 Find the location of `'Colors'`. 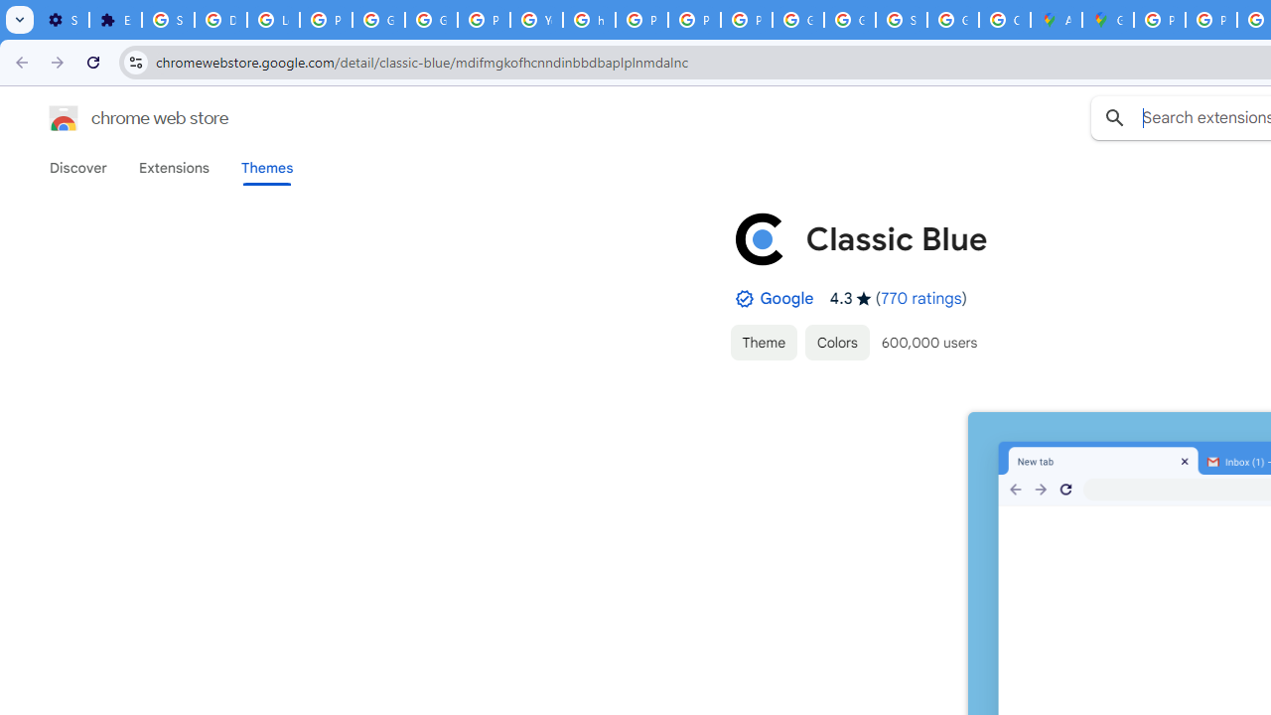

'Colors' is located at coordinates (837, 341).